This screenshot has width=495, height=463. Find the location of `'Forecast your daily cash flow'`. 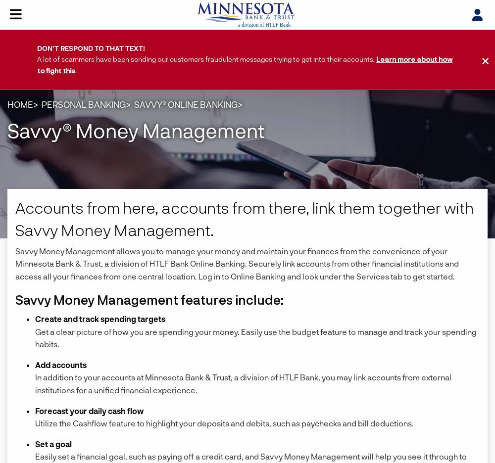

'Forecast your daily cash flow' is located at coordinates (89, 410).